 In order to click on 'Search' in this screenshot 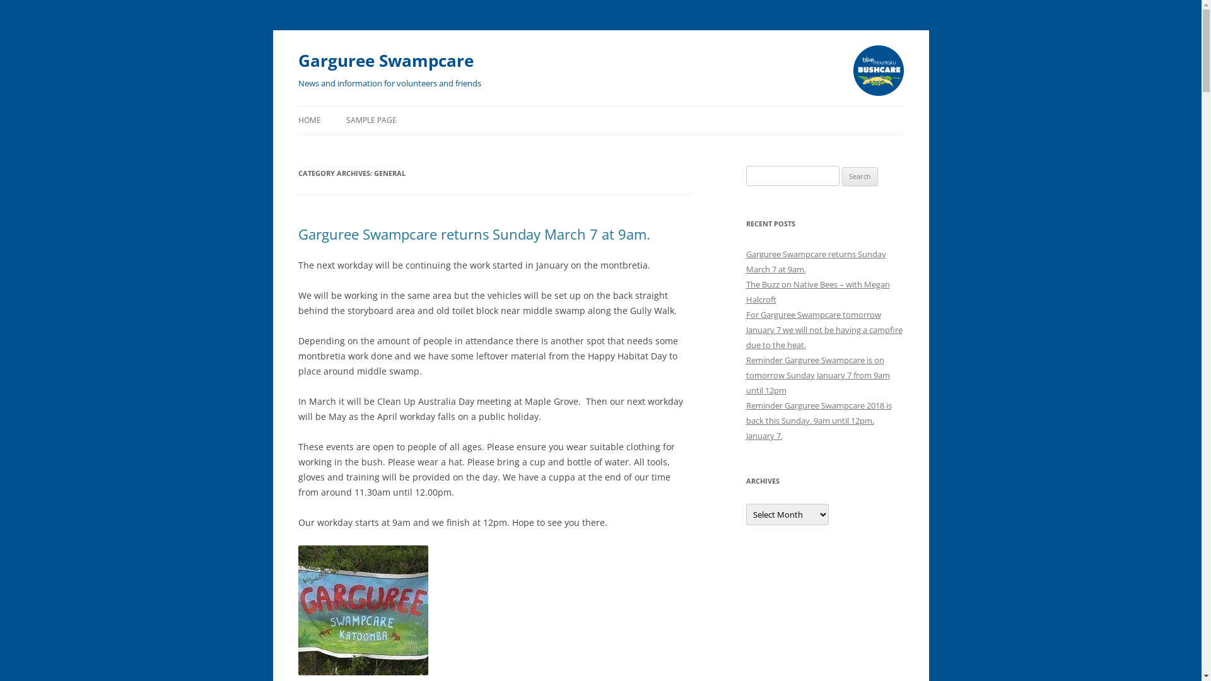, I will do `click(859, 177)`.